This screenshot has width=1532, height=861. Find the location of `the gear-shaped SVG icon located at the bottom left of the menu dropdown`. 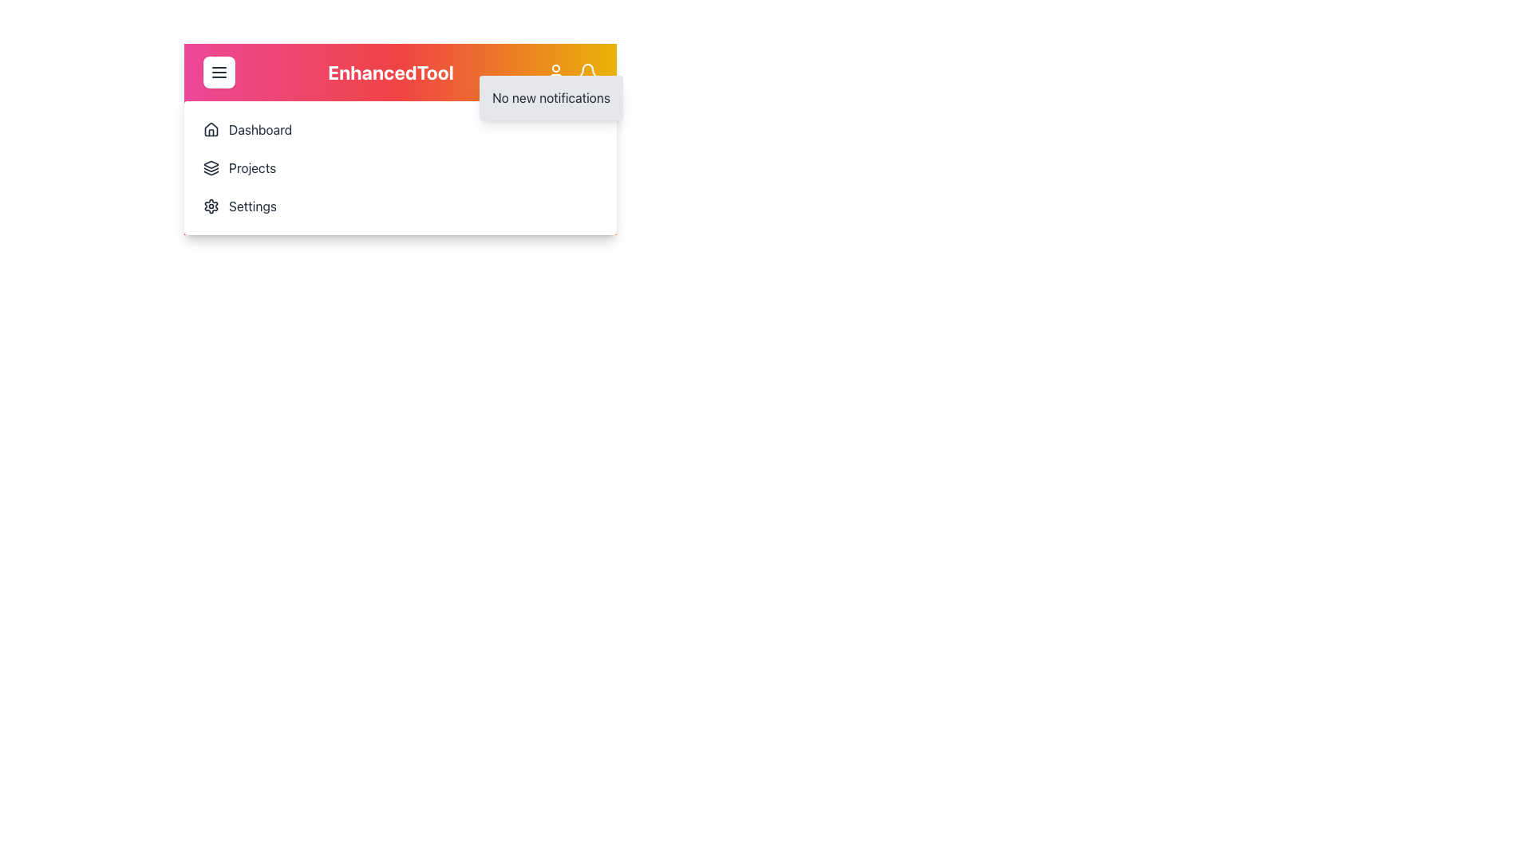

the gear-shaped SVG icon located at the bottom left of the menu dropdown is located at coordinates (210, 205).